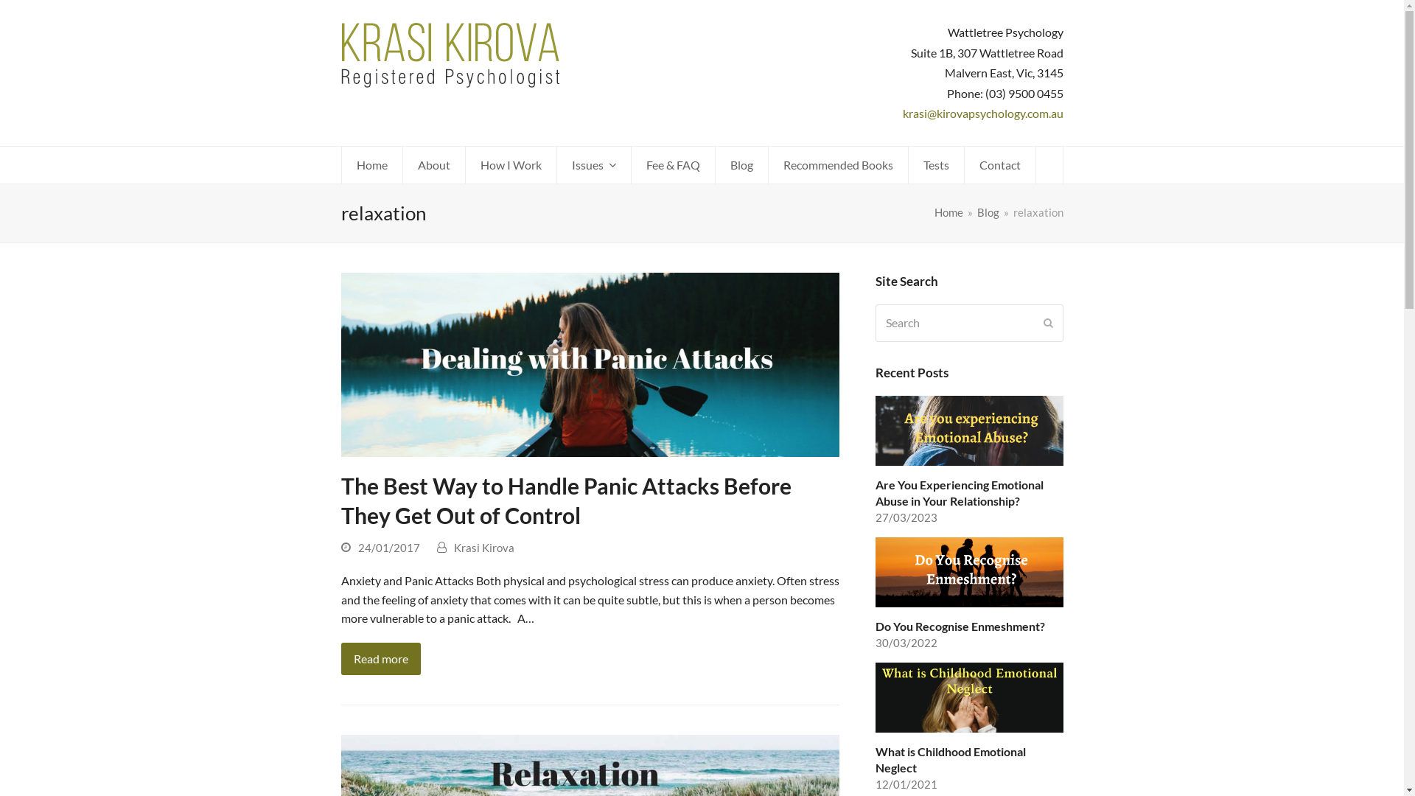 The height and width of the screenshot is (796, 1415). What do you see at coordinates (876, 593) in the screenshot?
I see `'Do You Recognise Enmeshment?` at bounding box center [876, 593].